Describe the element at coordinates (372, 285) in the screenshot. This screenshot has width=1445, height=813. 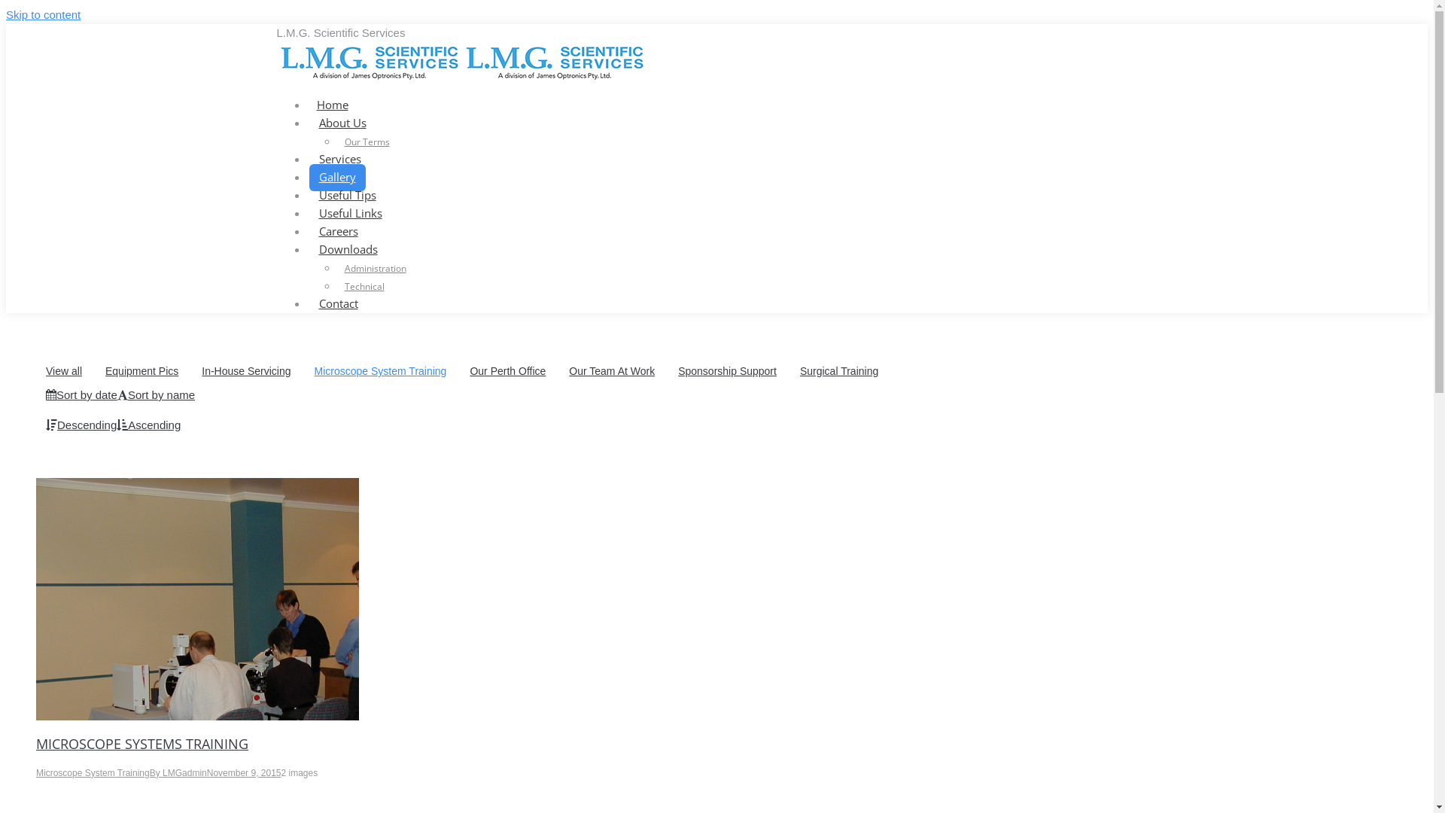
I see `'Technical'` at that location.